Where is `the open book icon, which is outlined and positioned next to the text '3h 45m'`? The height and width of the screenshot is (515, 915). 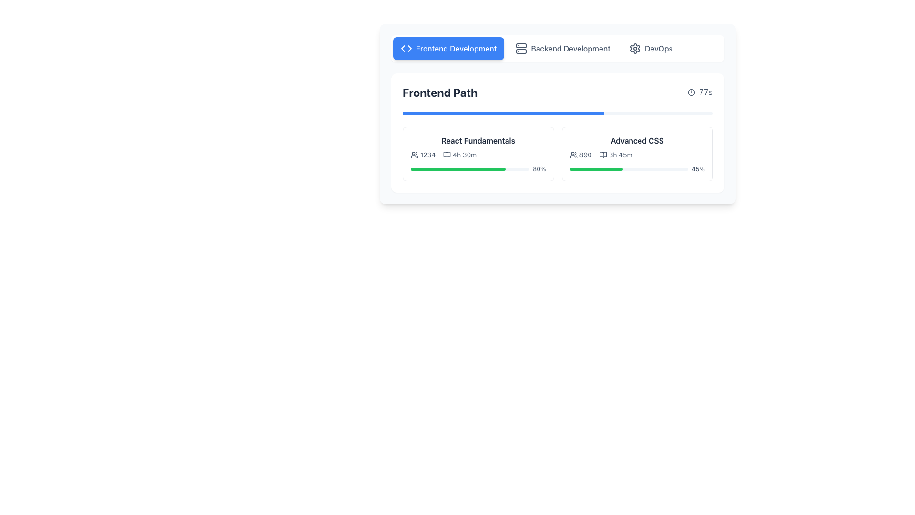
the open book icon, which is outlined and positioned next to the text '3h 45m' is located at coordinates (602, 154).